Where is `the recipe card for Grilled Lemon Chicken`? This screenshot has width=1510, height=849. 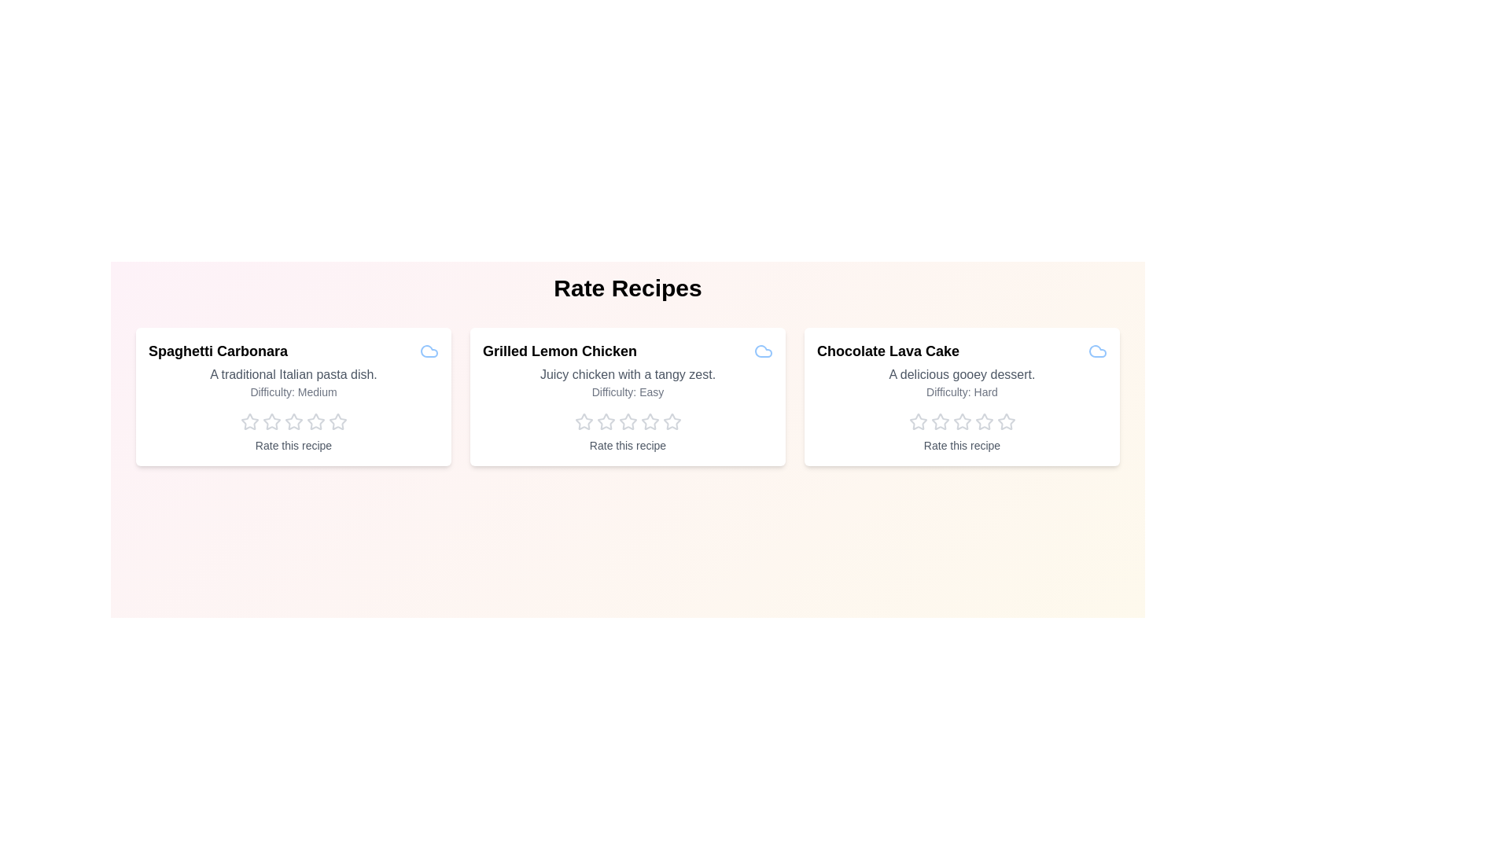 the recipe card for Grilled Lemon Chicken is located at coordinates (627, 396).